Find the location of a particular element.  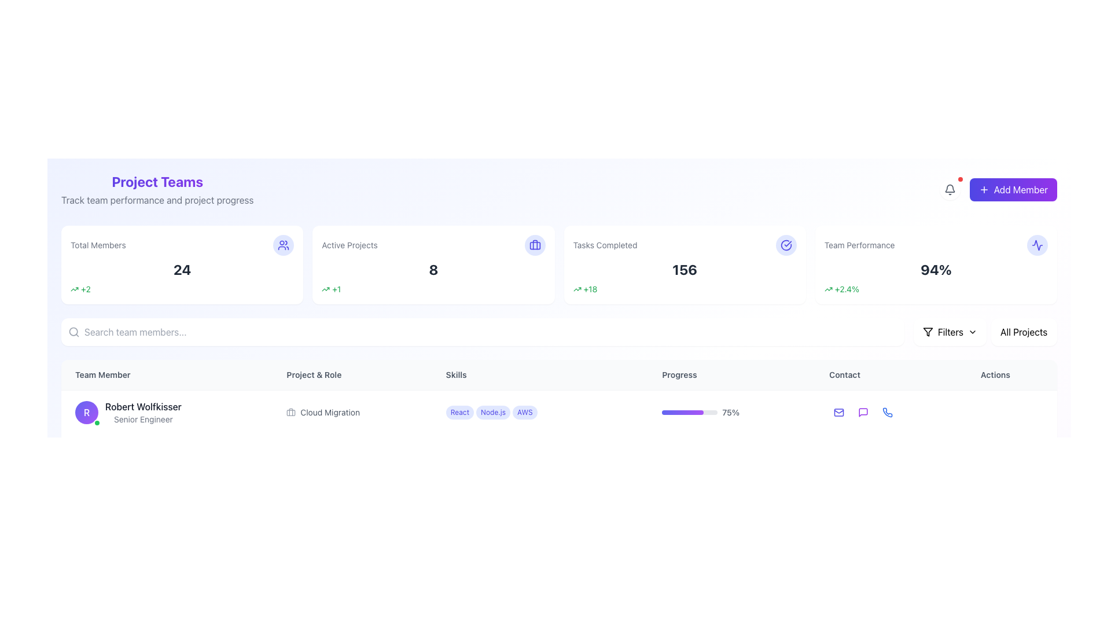

the action icons within the first entry of the team member details in the data table is located at coordinates (559, 411).